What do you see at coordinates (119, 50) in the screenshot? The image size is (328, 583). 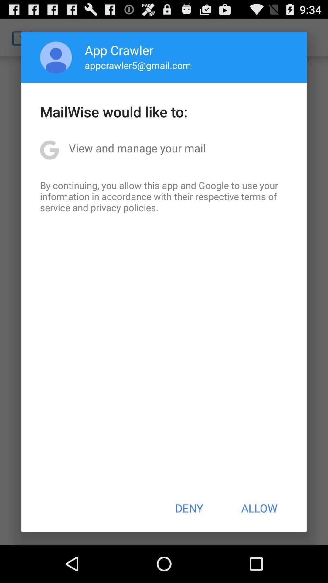 I see `app crawler item` at bounding box center [119, 50].